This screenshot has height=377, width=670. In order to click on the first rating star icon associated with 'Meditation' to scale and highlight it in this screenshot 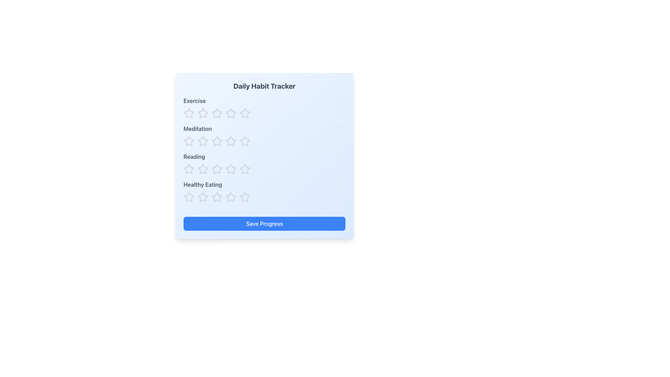, I will do `click(189, 141)`.